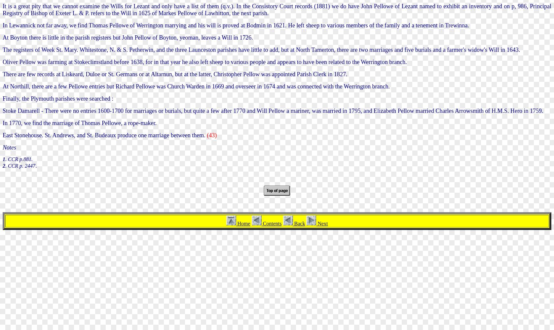  What do you see at coordinates (9, 147) in the screenshot?
I see `'Notes'` at bounding box center [9, 147].